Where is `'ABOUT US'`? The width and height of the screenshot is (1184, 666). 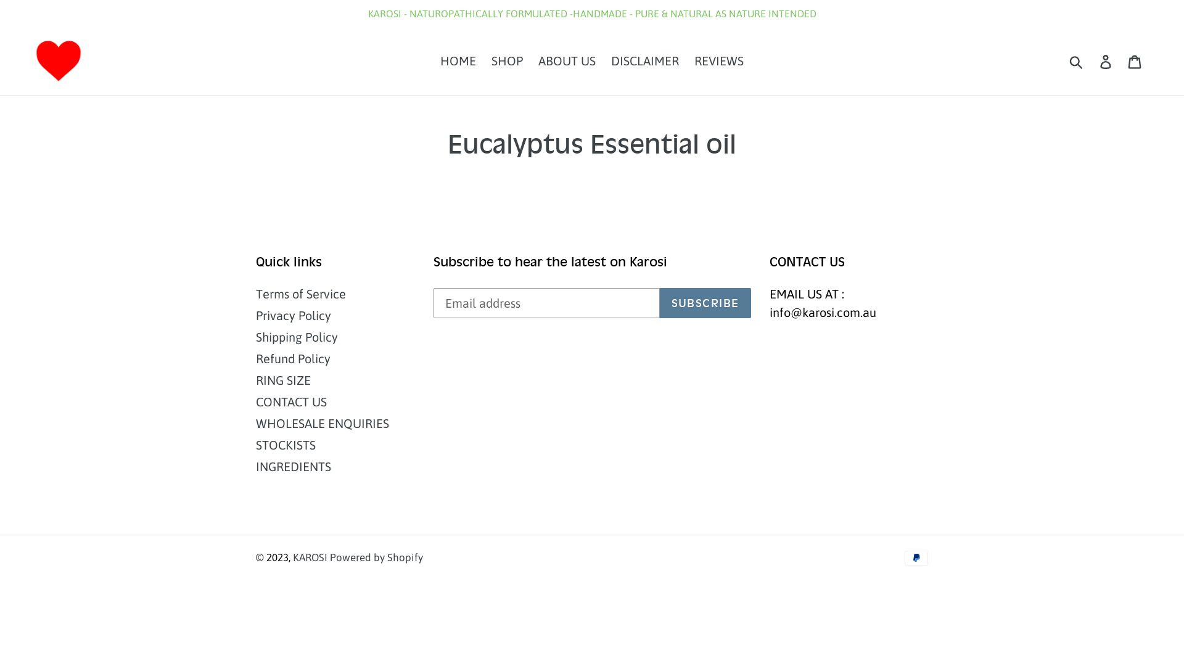 'ABOUT US' is located at coordinates (566, 61).